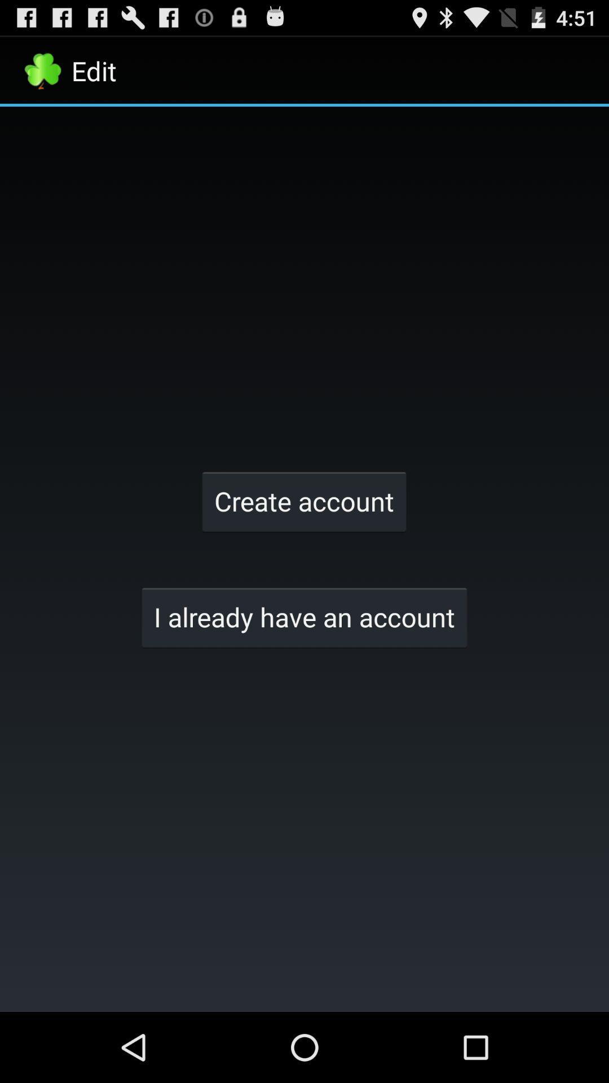  I want to click on create account, so click(303, 500).